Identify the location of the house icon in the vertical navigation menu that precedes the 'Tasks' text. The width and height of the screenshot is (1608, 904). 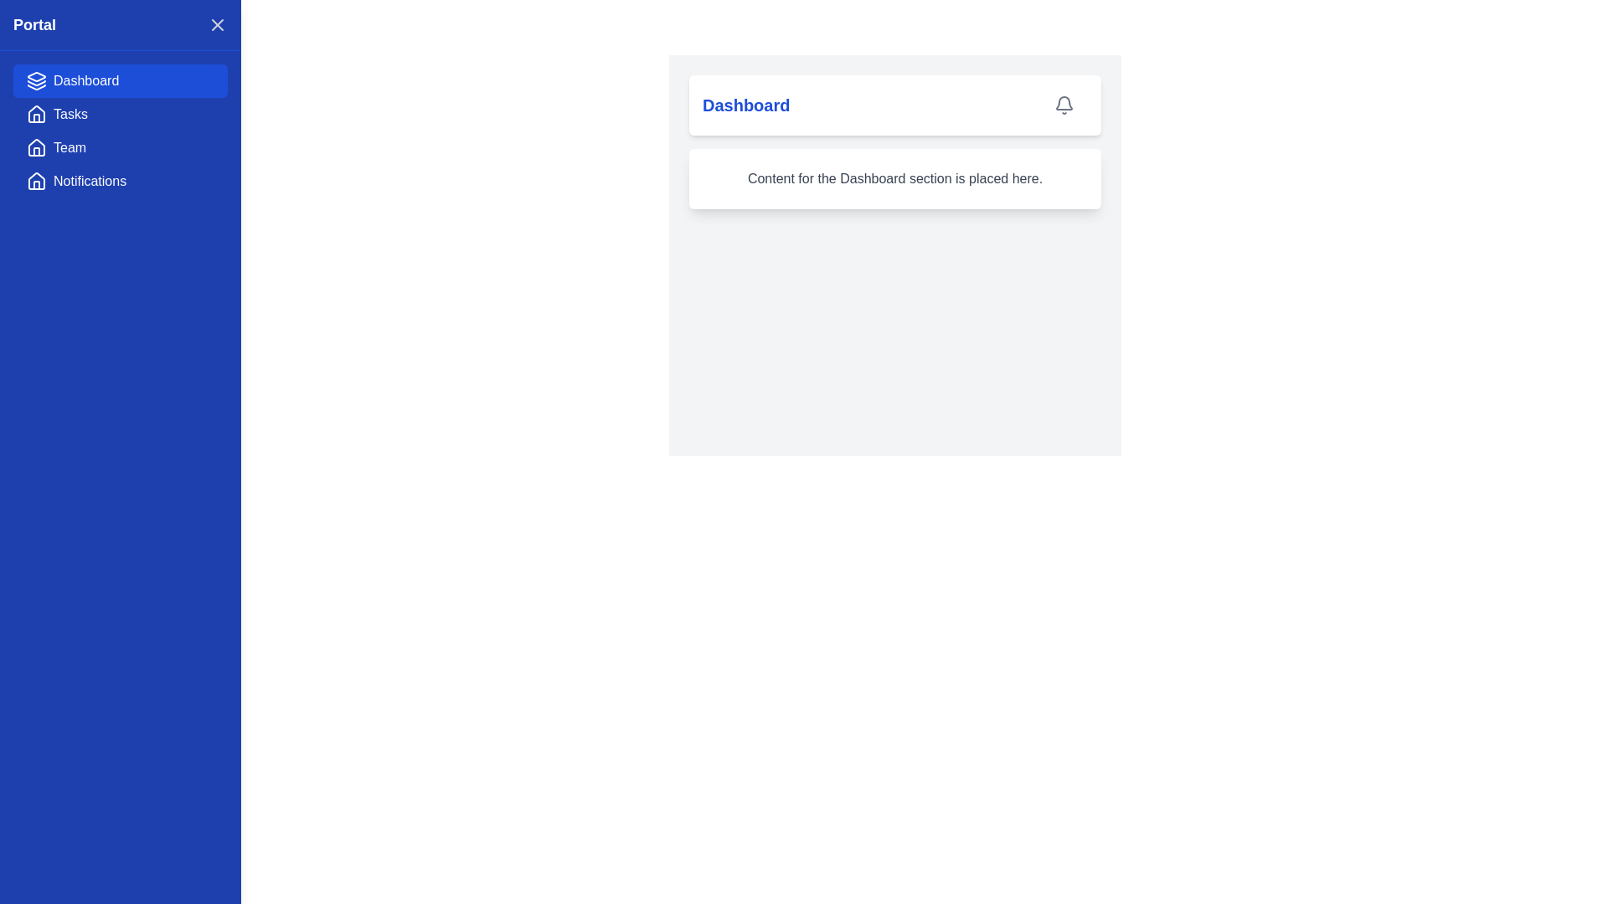
(36, 114).